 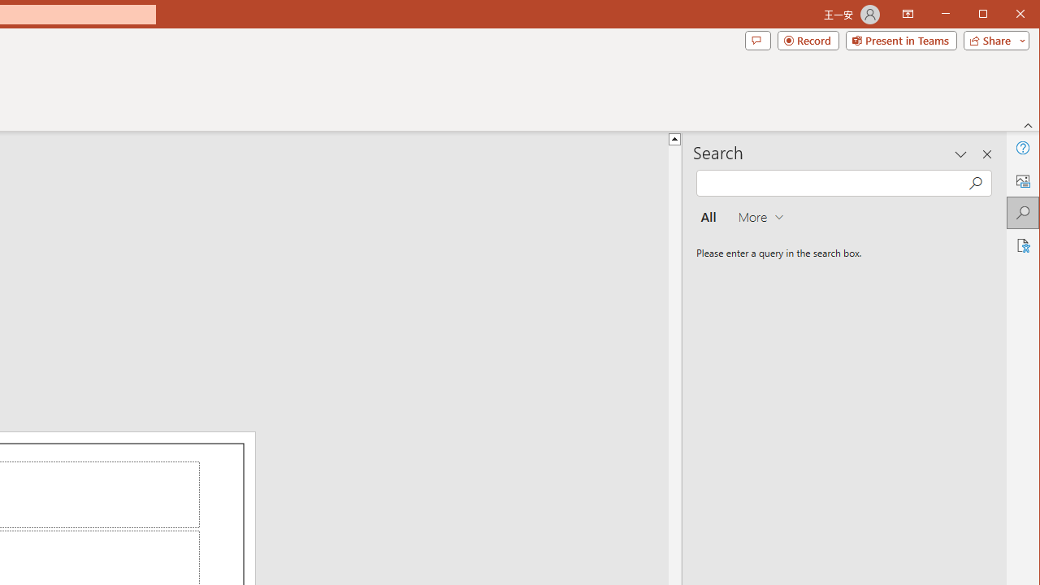 I want to click on 'Alt Text', so click(x=1021, y=180).